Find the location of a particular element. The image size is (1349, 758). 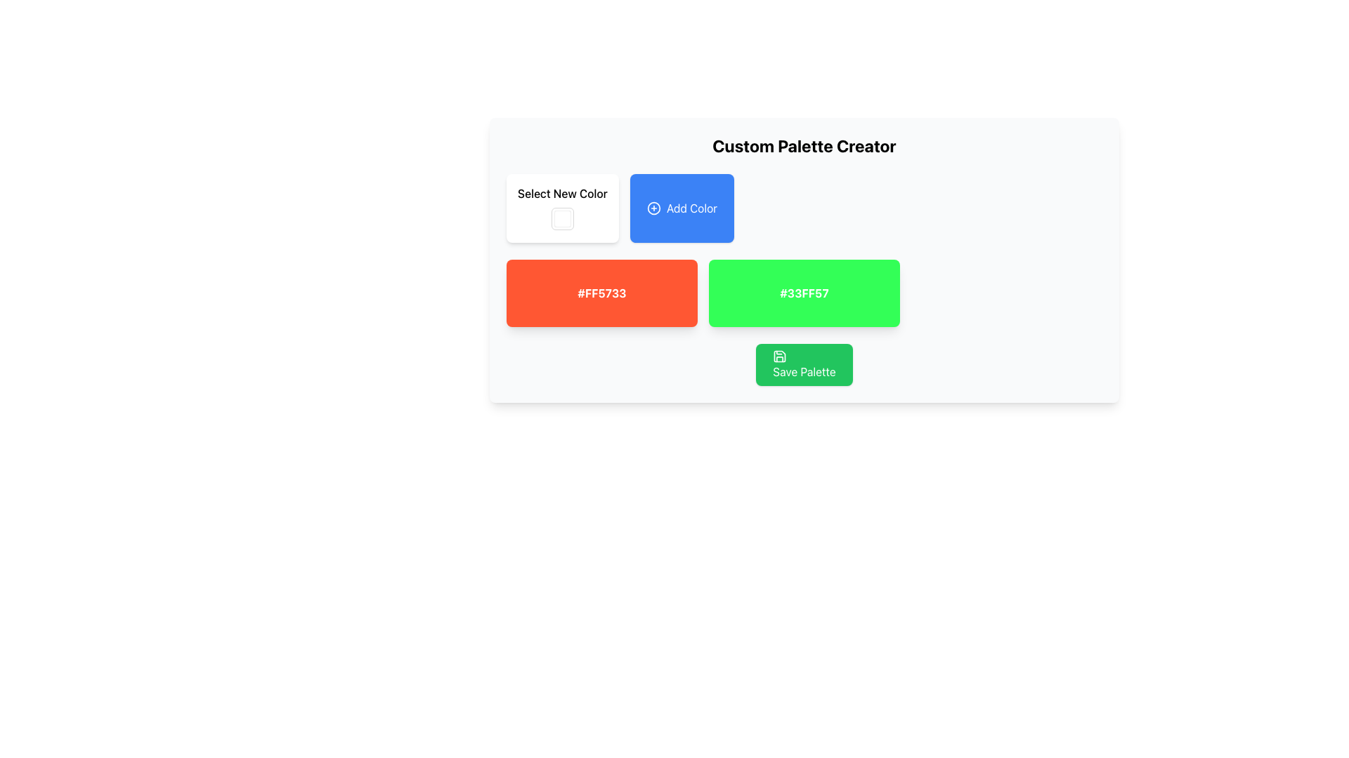

the large rectangular colored box with a vibrant orange-red background (#FF5733) that contains white, bold-centered text displaying the color code '#FF5733'. This box is positioned beneath the 'Select New Color' and 'Add Color' buttons is located at coordinates (602, 292).